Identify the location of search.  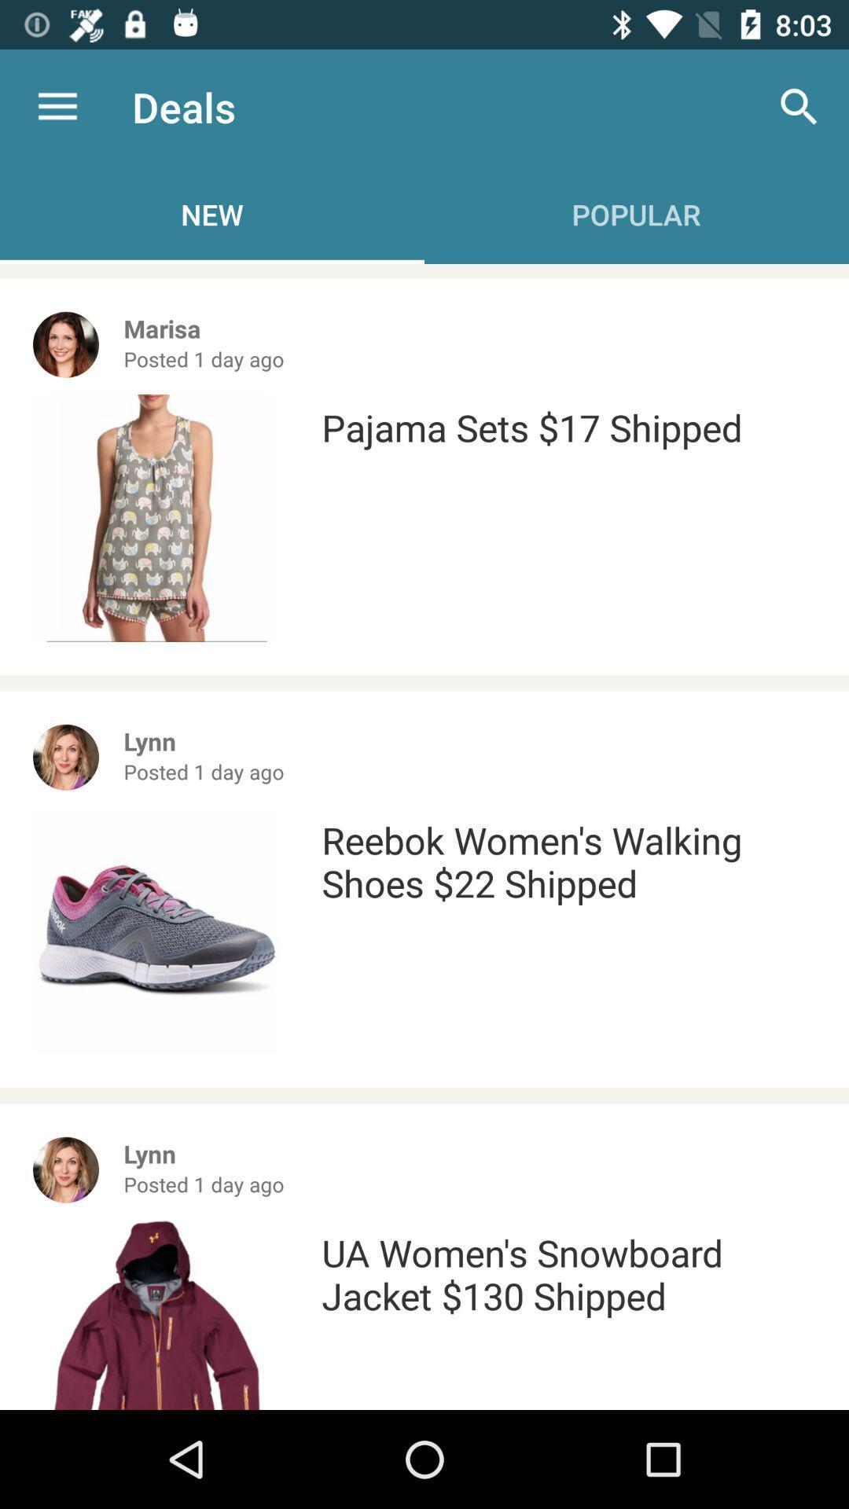
(799, 107).